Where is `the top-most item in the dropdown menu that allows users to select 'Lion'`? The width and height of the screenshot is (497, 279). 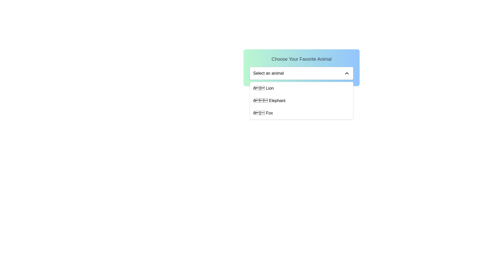
the top-most item in the dropdown menu that allows users to select 'Lion' is located at coordinates (302, 88).